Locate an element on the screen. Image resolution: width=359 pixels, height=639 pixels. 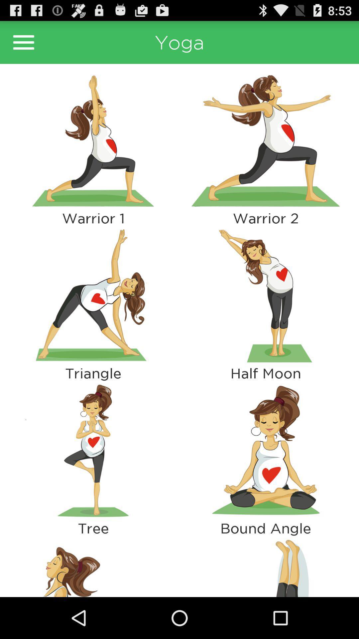
icon to the left of half moon is located at coordinates (93, 451).